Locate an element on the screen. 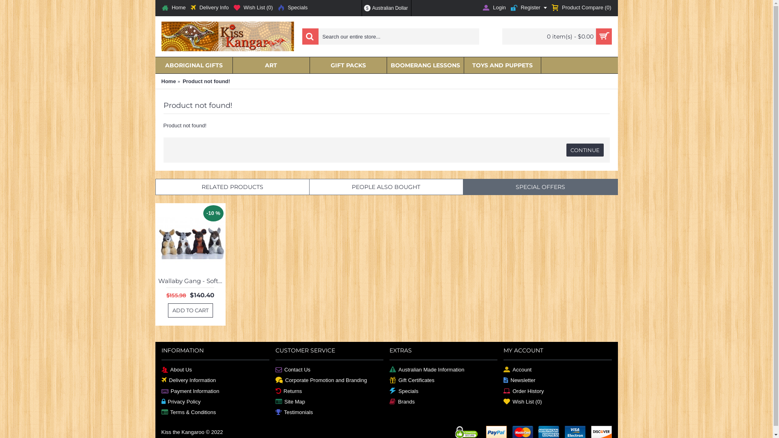 This screenshot has width=779, height=438. 'Gift Certificates' is located at coordinates (443, 380).